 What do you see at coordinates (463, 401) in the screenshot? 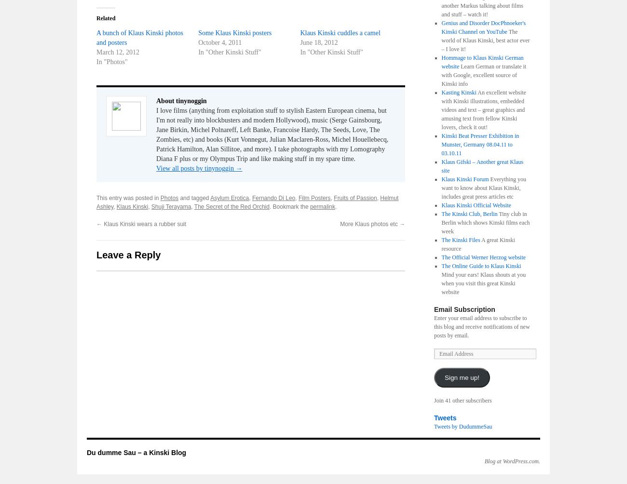
I see `'Join 41 other subscribers'` at bounding box center [463, 401].